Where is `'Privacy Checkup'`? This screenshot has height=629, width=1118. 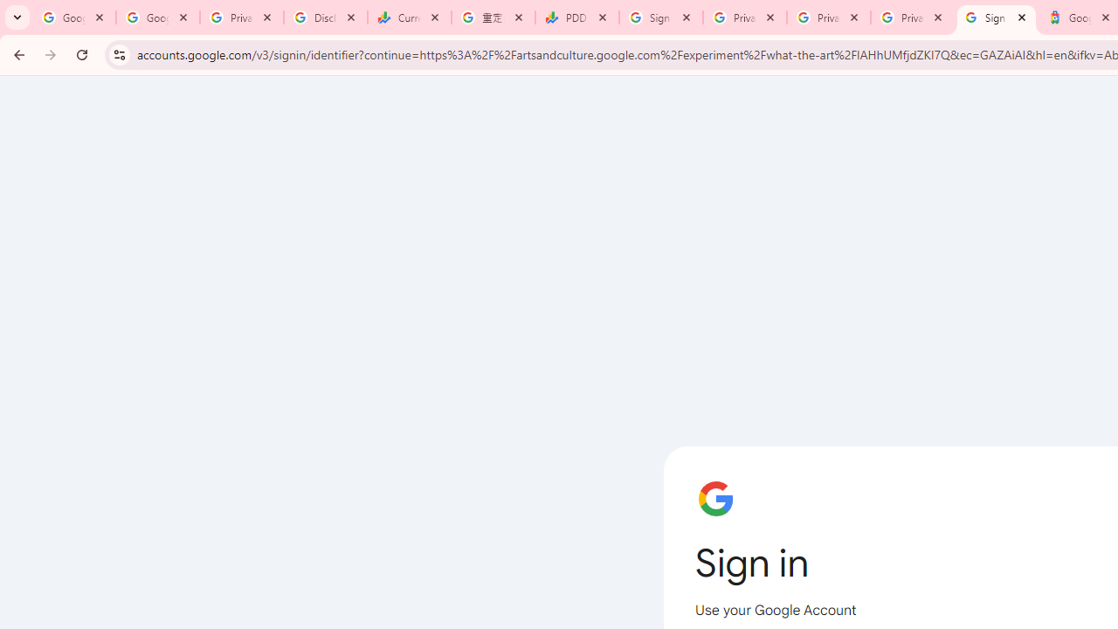 'Privacy Checkup' is located at coordinates (828, 17).